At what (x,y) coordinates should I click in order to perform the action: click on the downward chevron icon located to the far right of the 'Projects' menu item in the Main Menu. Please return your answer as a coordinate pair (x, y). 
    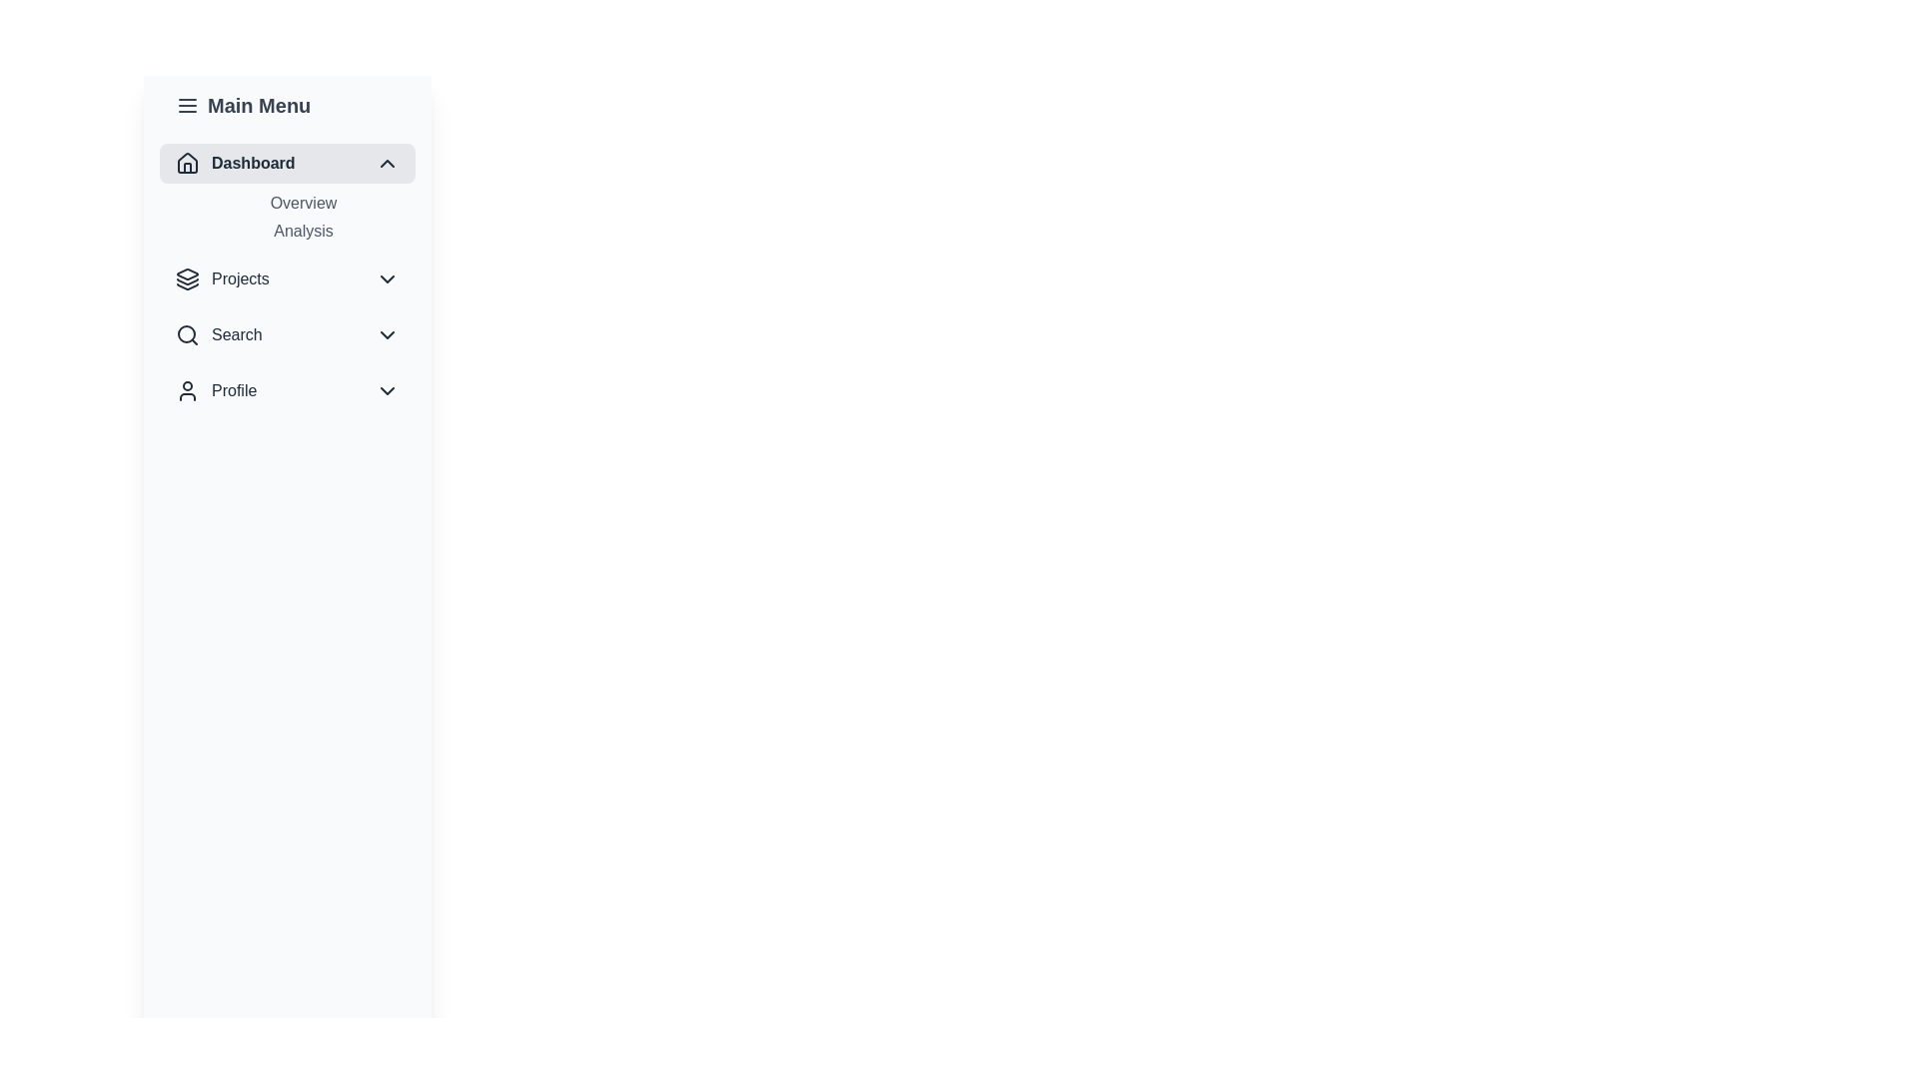
    Looking at the image, I should click on (388, 279).